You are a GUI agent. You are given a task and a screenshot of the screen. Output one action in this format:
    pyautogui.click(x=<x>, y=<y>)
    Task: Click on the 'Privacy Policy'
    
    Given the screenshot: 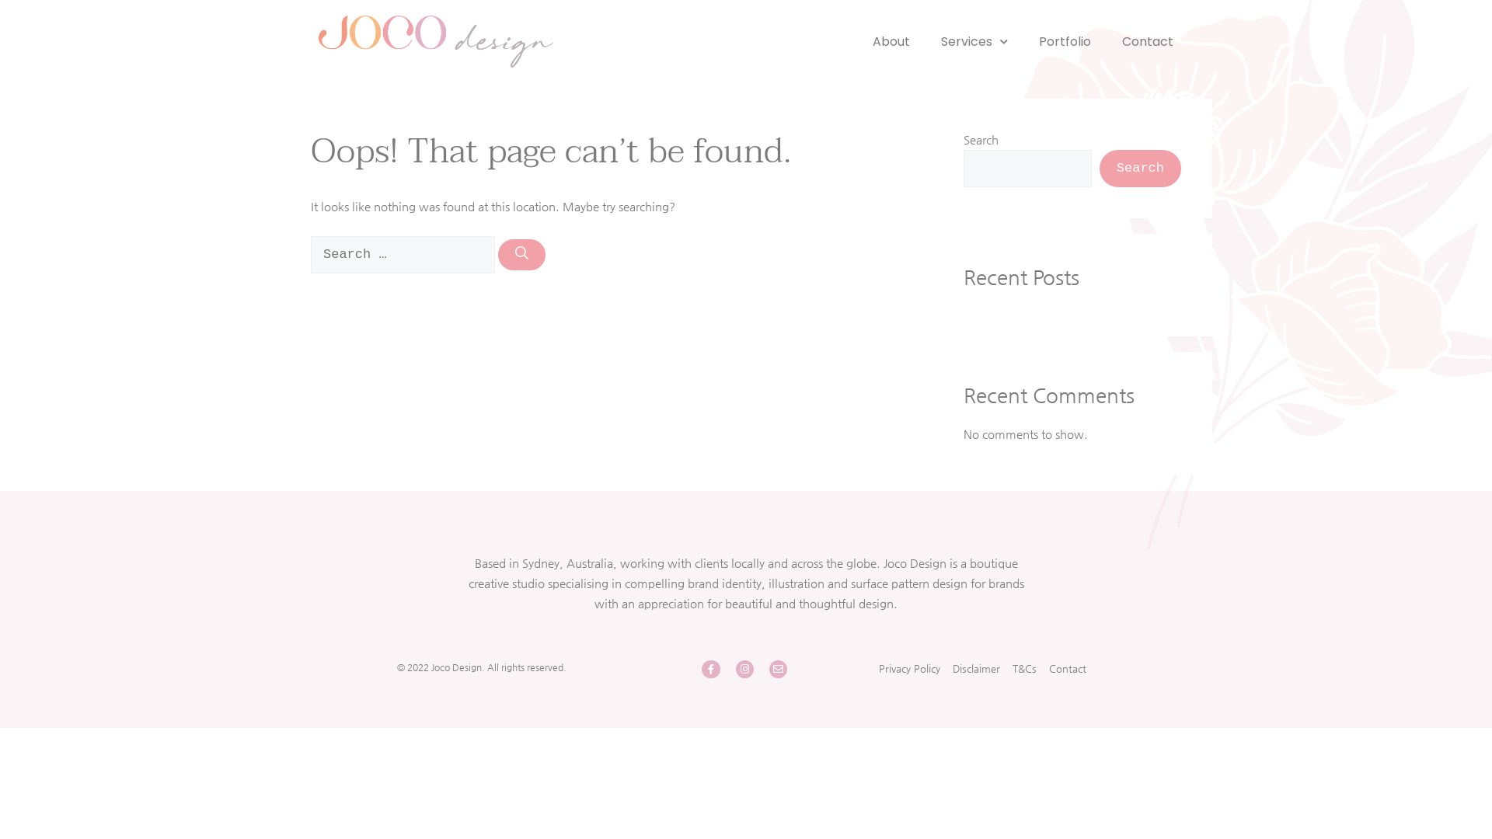 What is the action you would take?
    pyautogui.click(x=909, y=667)
    